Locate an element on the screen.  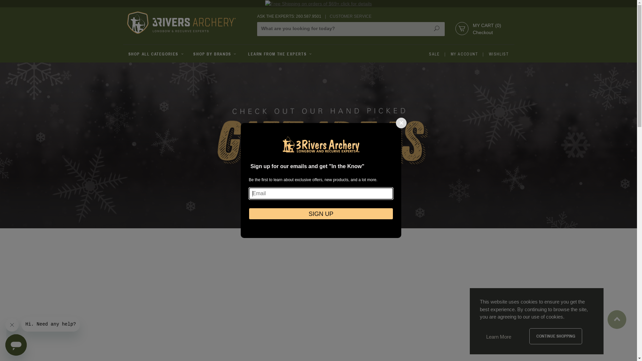
'MY CART (0)' is located at coordinates (487, 25).